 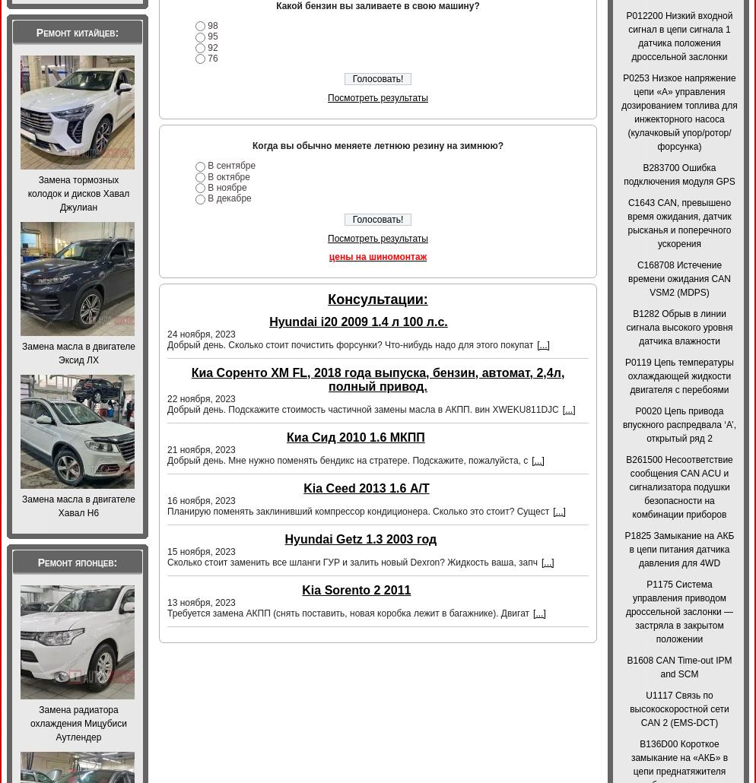 I want to click on 'P0119 Цепь температуры охлаждающей жидкости двигателя с перебоями', so click(x=678, y=376).